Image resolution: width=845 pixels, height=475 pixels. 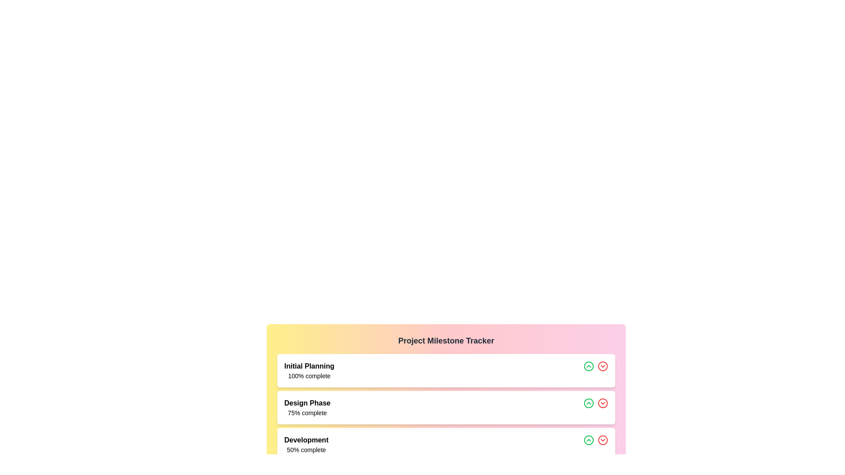 I want to click on the text label that identifies the third milestone in the 'Project Milestone Tracker' section, so click(x=306, y=440).